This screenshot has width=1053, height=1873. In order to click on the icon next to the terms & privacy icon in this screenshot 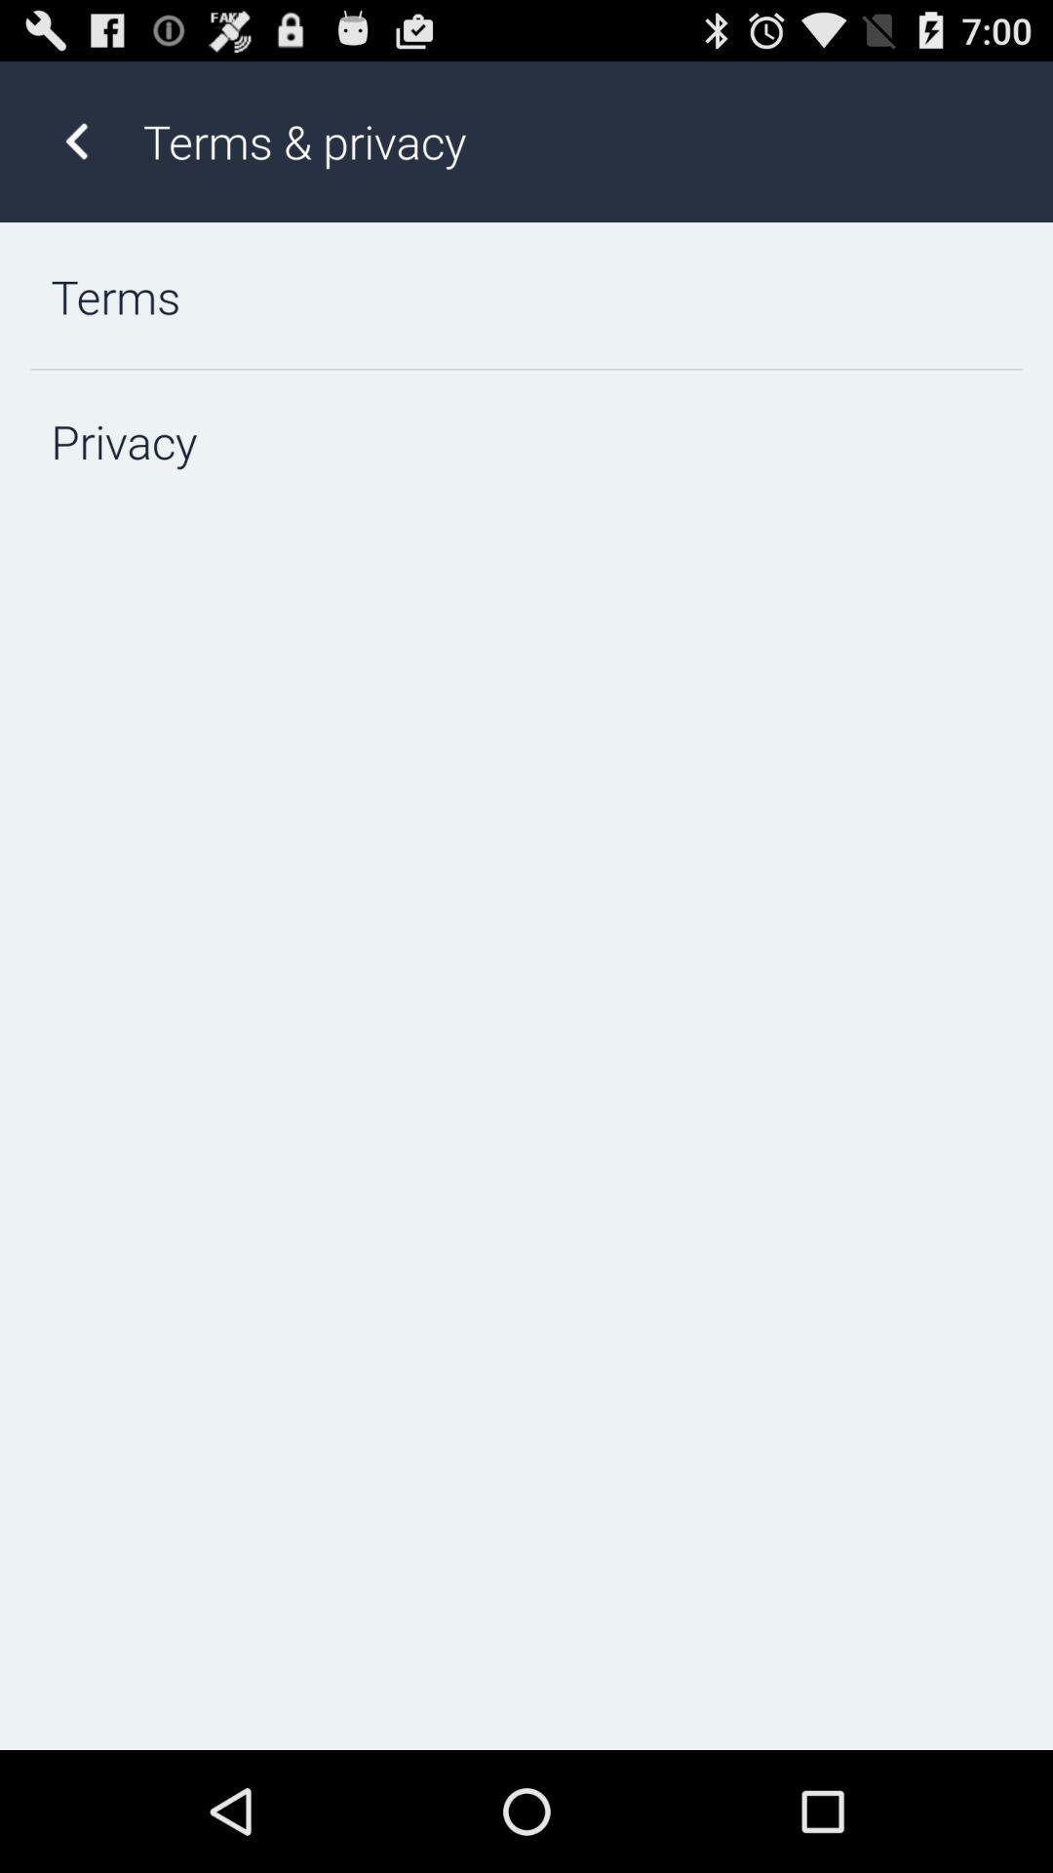, I will do `click(75, 140)`.